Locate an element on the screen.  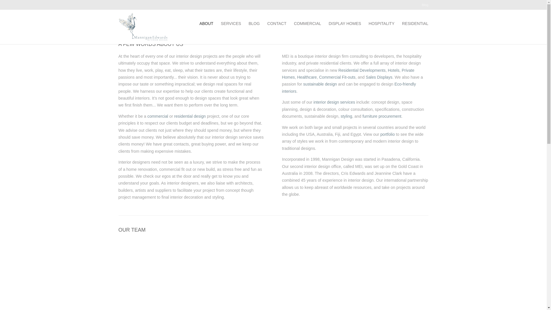
'BLOG' is located at coordinates (248, 23).